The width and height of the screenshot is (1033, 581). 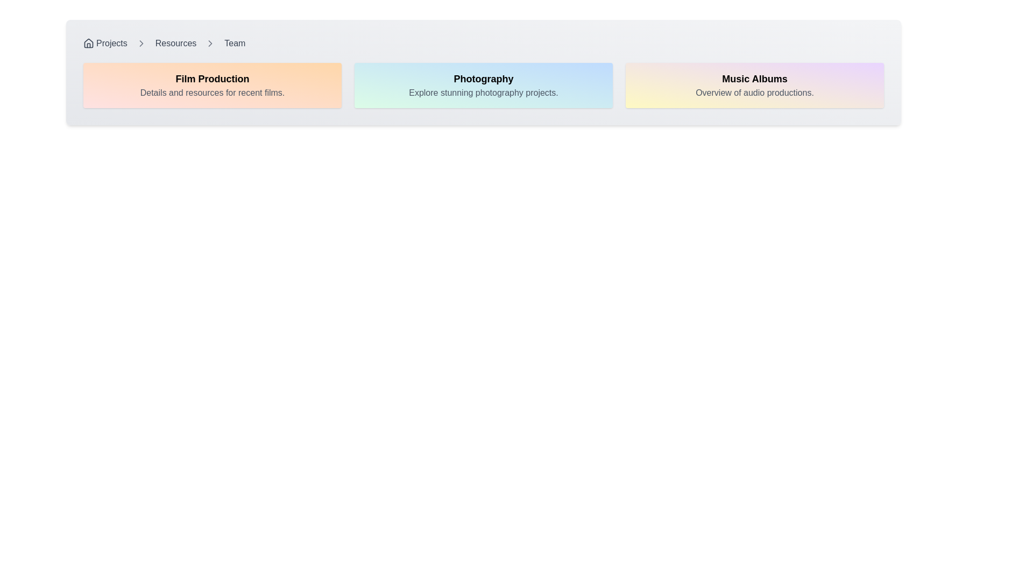 I want to click on the 'Resources' text hyperlink in the breadcrumb navigation bar, so click(x=175, y=43).